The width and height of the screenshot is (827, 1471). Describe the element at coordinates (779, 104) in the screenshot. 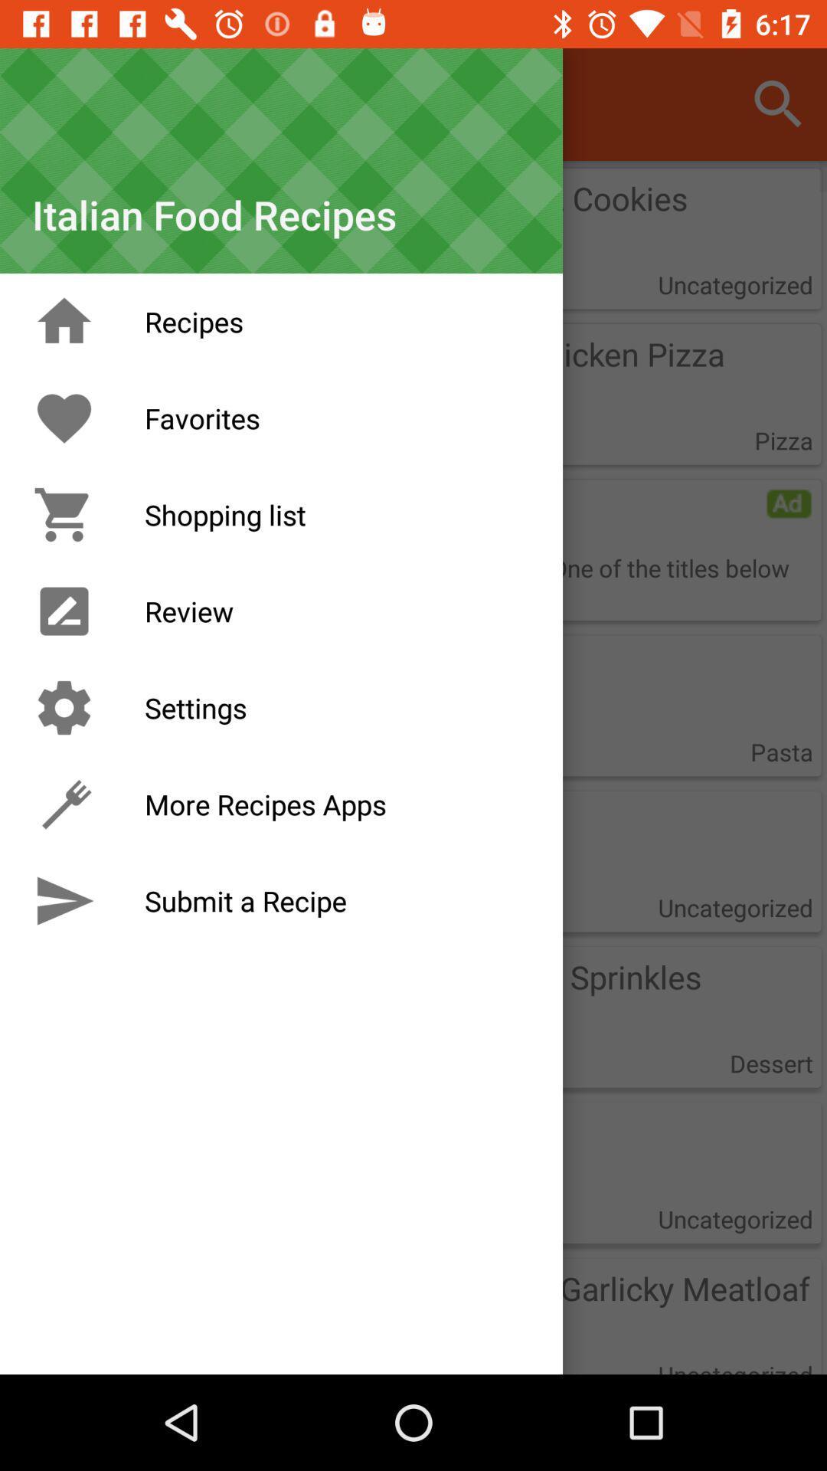

I see `search symbol` at that location.